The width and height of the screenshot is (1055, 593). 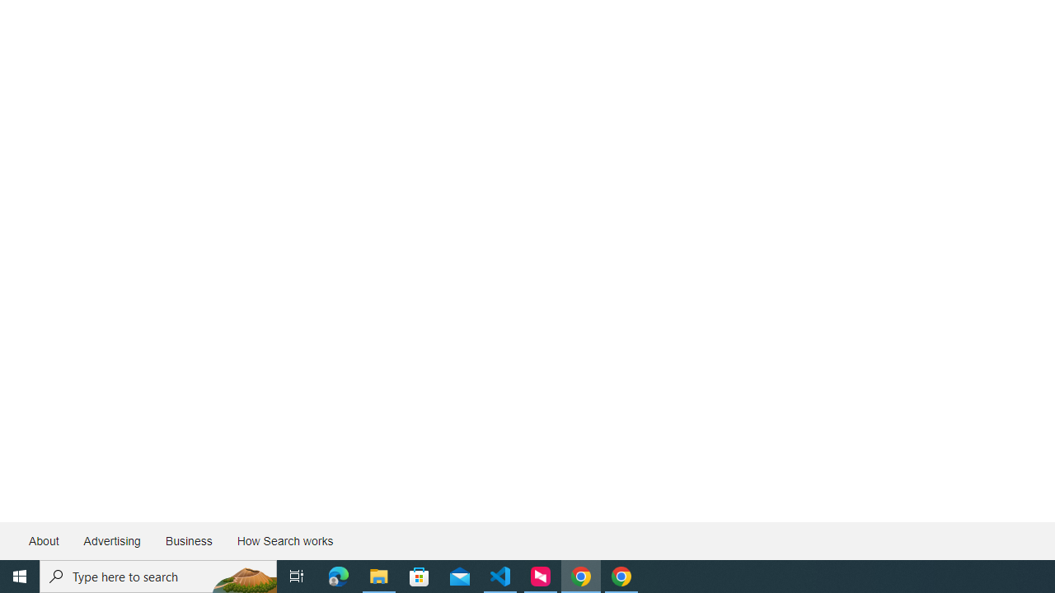 I want to click on 'Advertising', so click(x=110, y=541).